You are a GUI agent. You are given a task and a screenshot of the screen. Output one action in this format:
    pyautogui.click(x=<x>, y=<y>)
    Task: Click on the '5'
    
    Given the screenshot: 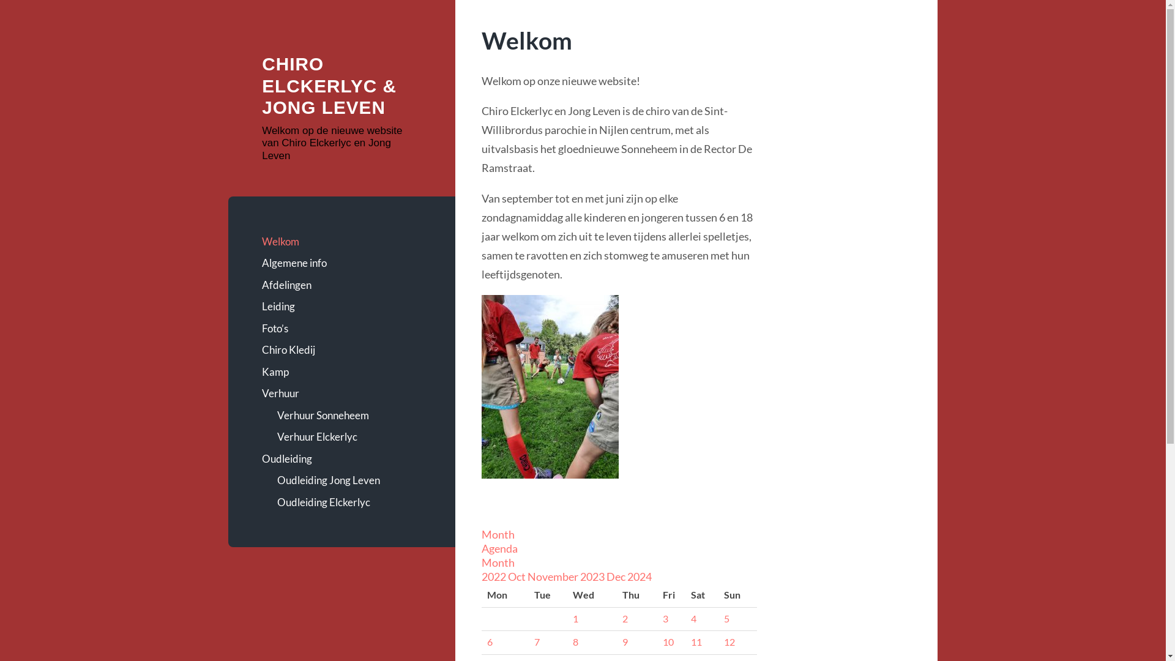 What is the action you would take?
    pyautogui.click(x=723, y=618)
    